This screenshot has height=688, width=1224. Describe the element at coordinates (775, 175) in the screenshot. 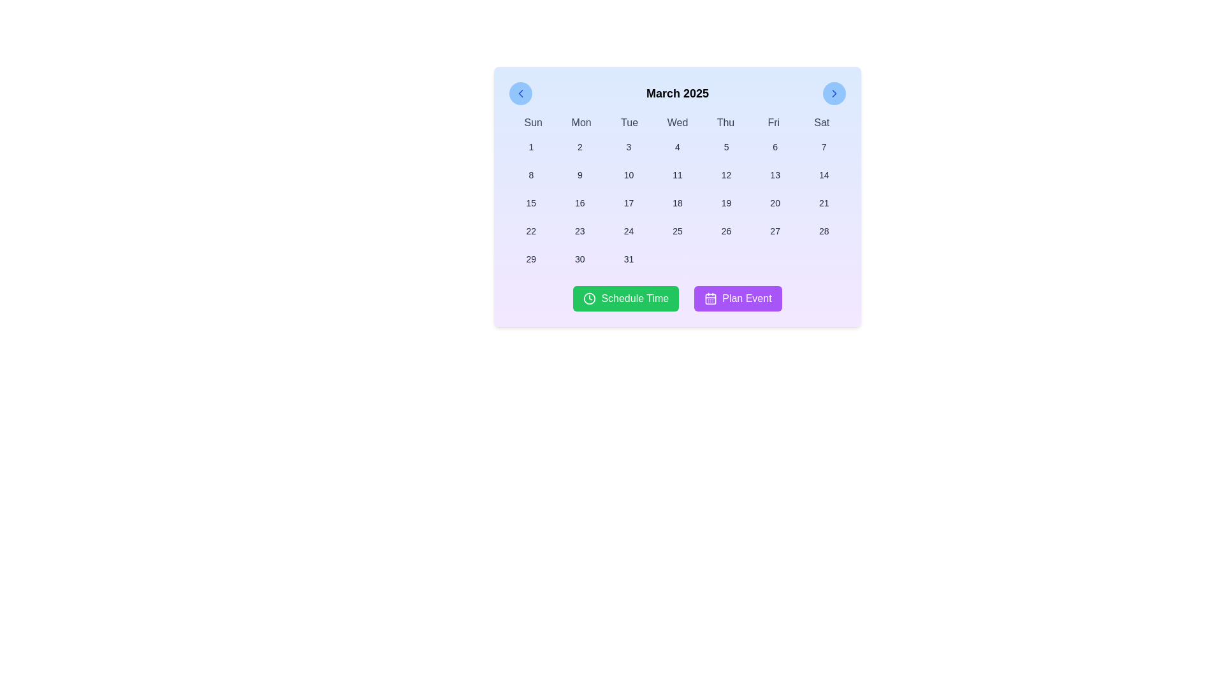

I see `the calendar button representing the 13th day of March 2025` at that location.